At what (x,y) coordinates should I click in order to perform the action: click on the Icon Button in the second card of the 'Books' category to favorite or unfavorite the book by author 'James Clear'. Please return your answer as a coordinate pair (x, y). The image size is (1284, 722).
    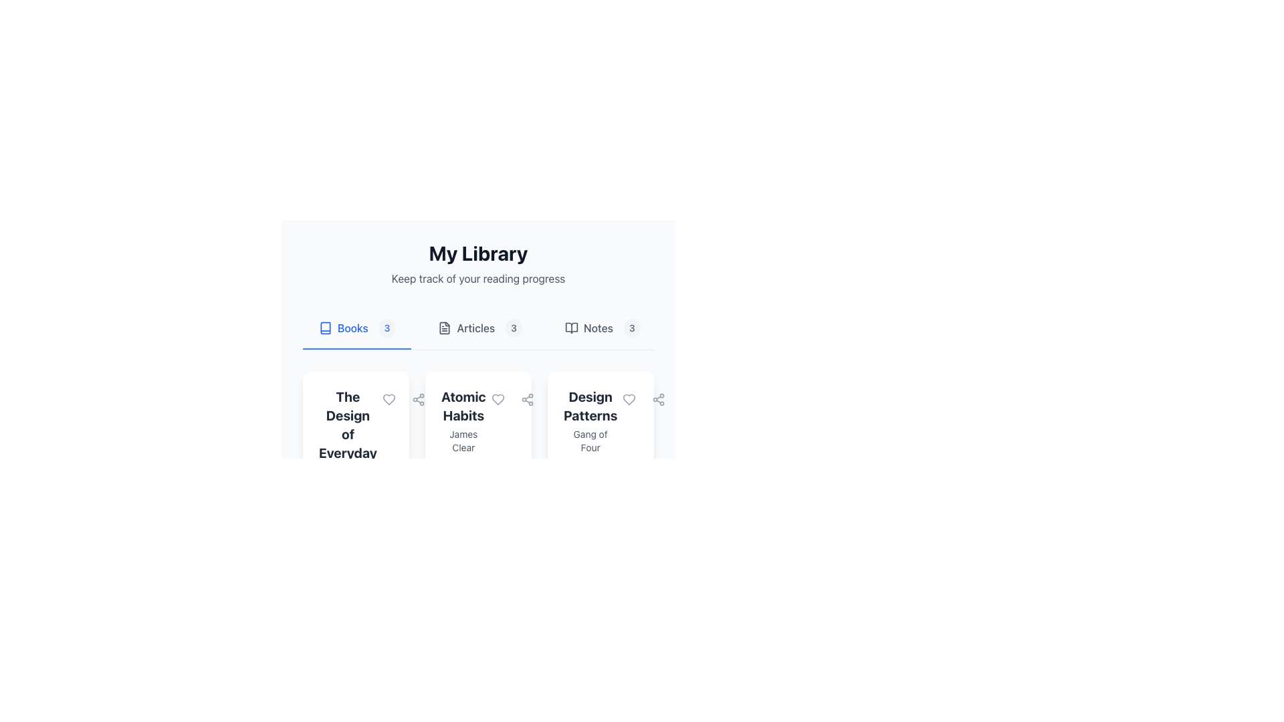
    Looking at the image, I should click on (497, 398).